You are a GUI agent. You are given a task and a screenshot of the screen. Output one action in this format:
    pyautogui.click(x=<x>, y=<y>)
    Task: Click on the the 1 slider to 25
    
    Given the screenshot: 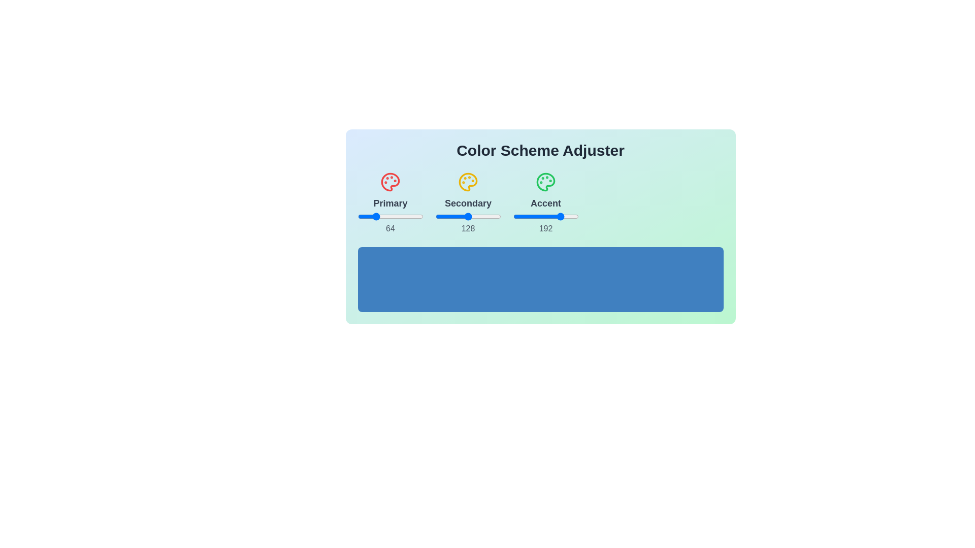 What is the action you would take?
    pyautogui.click(x=474, y=216)
    